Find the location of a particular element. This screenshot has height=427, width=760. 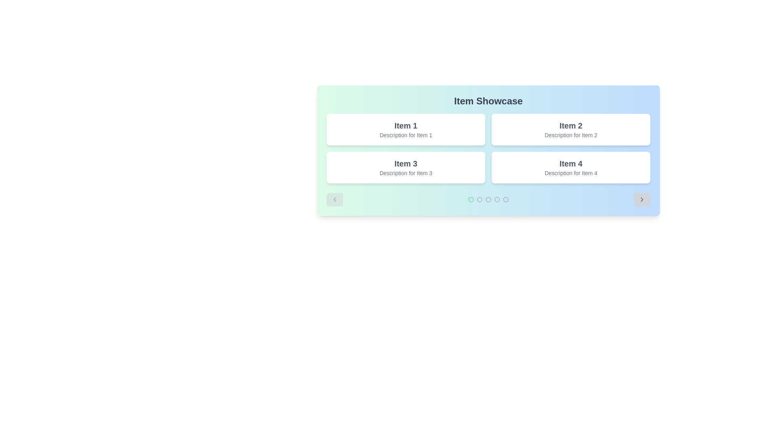

the first circle icon in the pagination system located below the 'Item Showcase' content is located at coordinates (471, 199).